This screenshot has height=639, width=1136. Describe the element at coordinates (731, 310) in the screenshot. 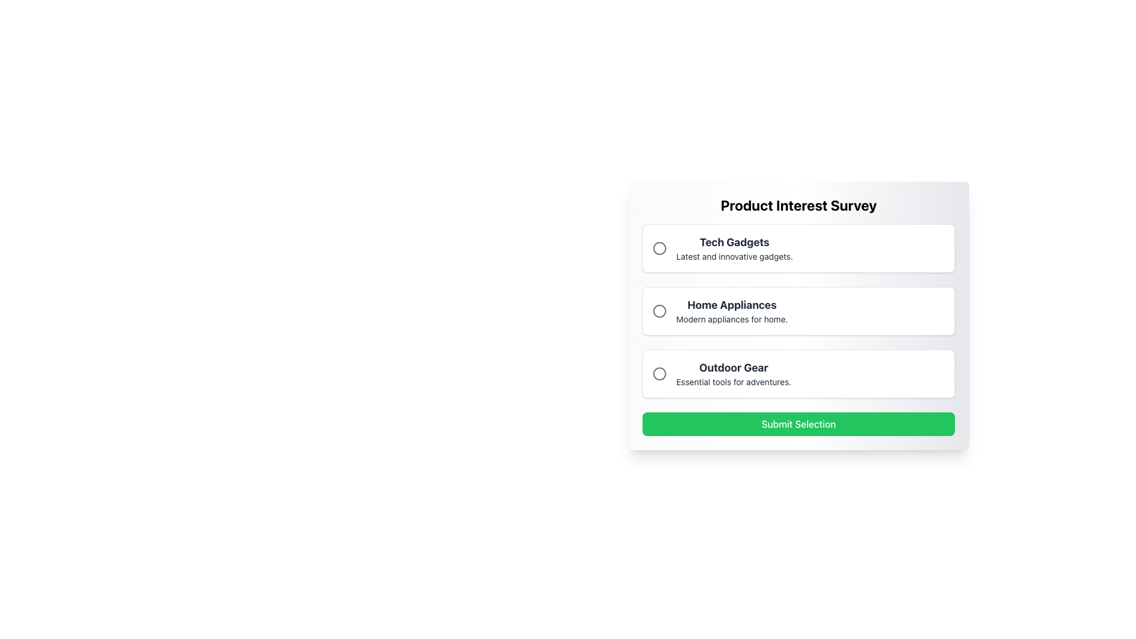

I see `the 'Home Appliances' text label, which is the second card in a vertical list, containing a bold heading and a subheading in smaller text` at that location.